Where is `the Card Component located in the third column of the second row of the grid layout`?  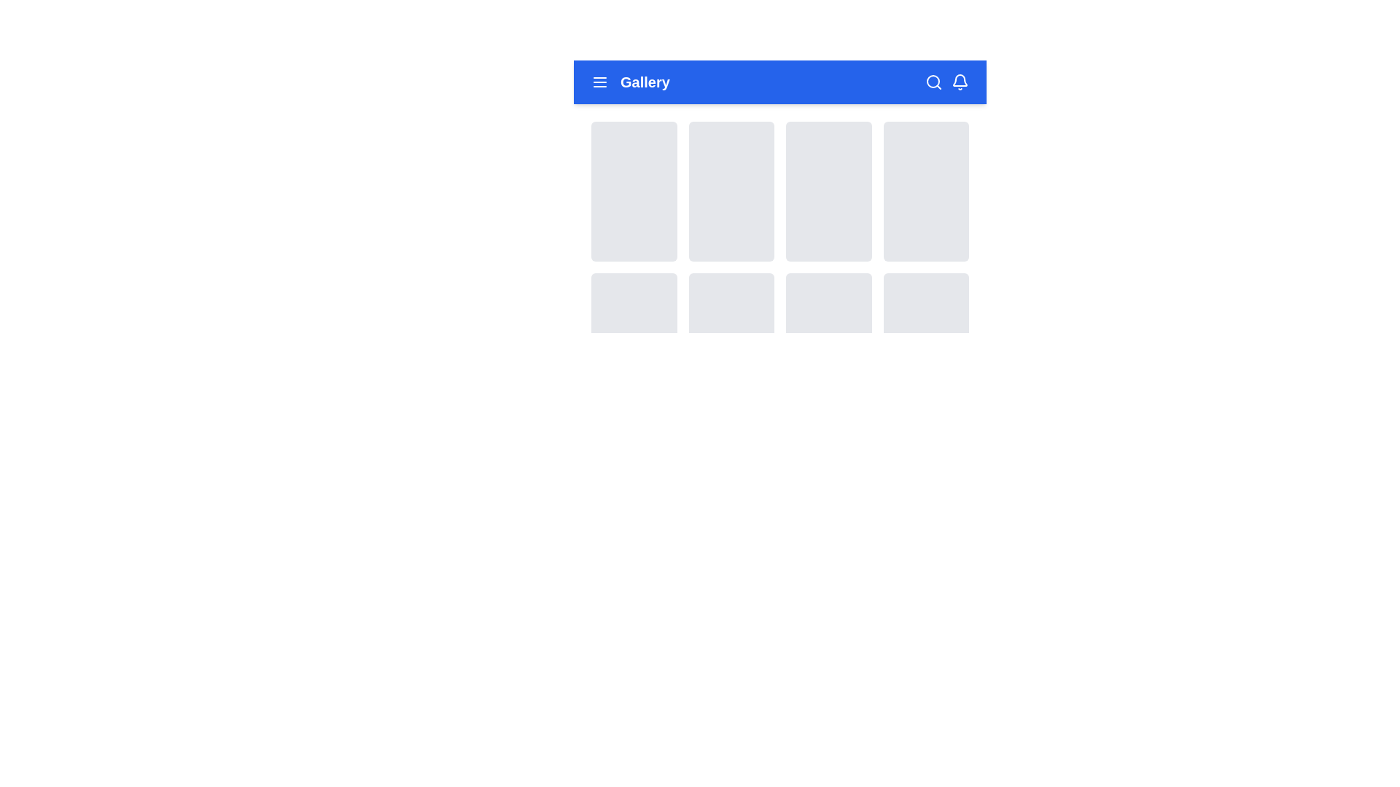 the Card Component located in the third column of the second row of the grid layout is located at coordinates (828, 342).